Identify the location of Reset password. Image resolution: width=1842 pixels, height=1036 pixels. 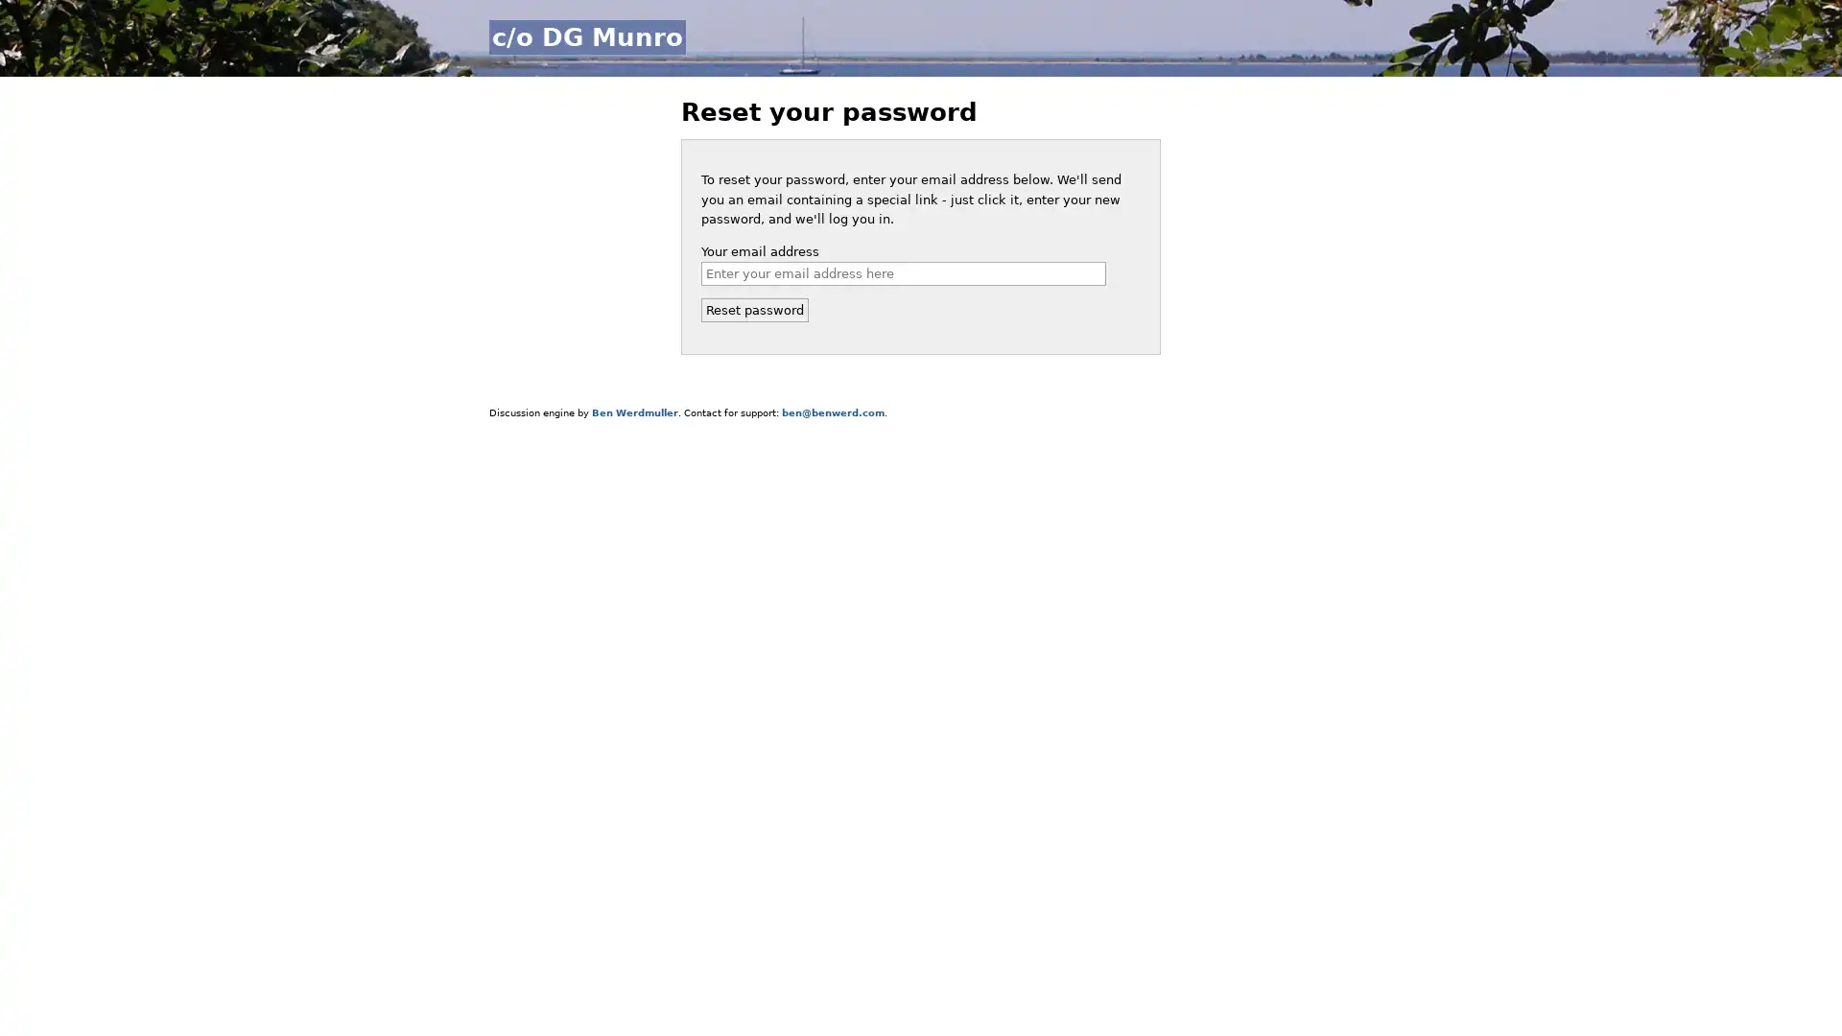
(754, 308).